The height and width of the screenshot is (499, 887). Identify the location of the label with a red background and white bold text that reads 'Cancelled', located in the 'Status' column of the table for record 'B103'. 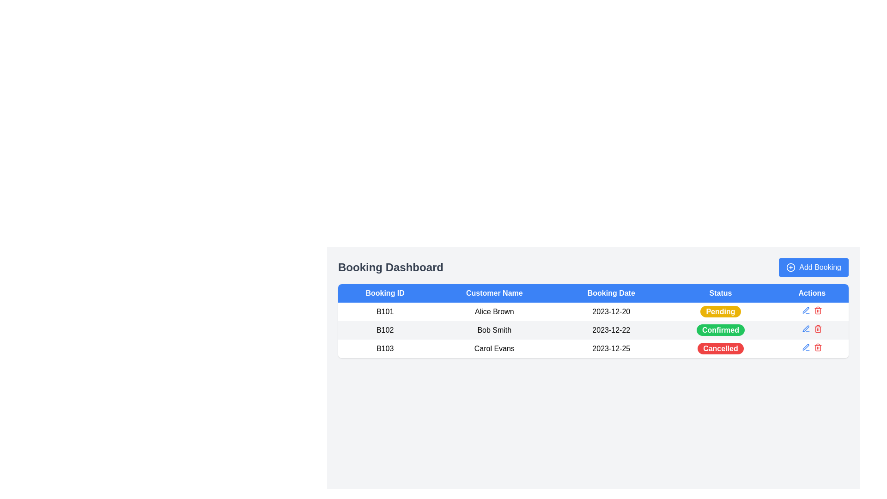
(720, 348).